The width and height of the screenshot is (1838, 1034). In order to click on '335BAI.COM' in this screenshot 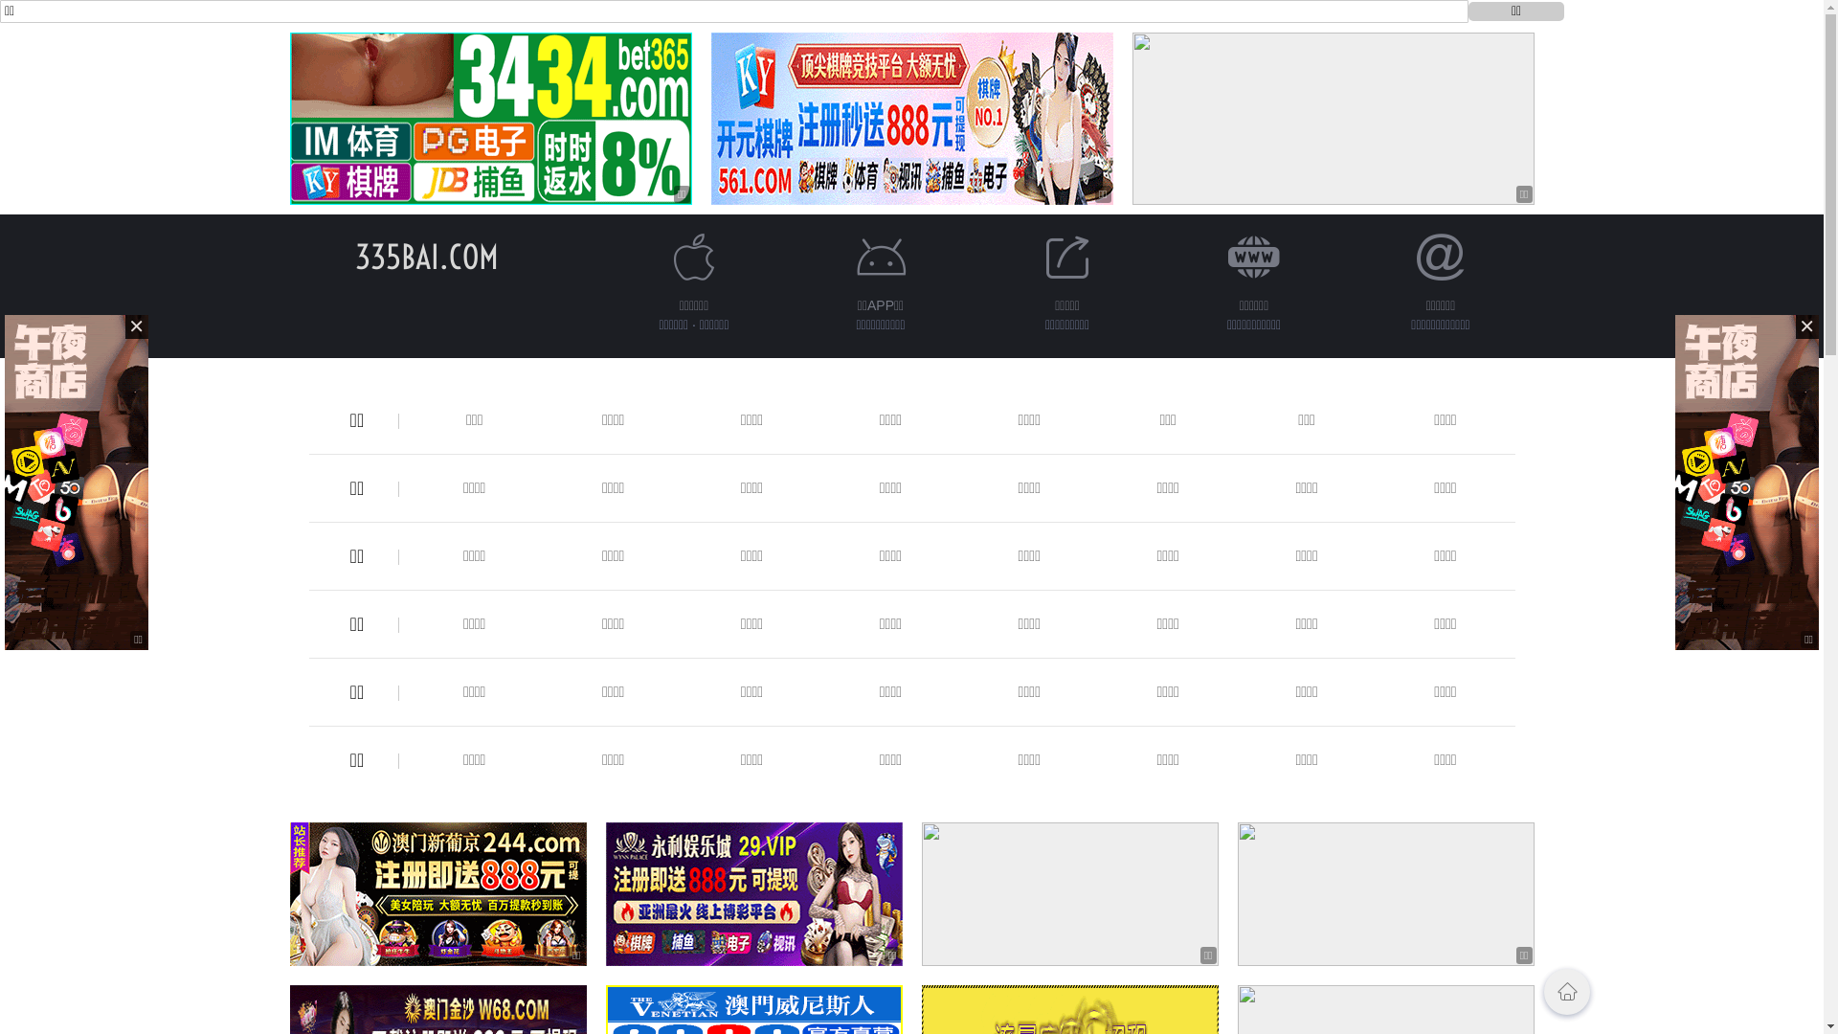, I will do `click(353, 256)`.